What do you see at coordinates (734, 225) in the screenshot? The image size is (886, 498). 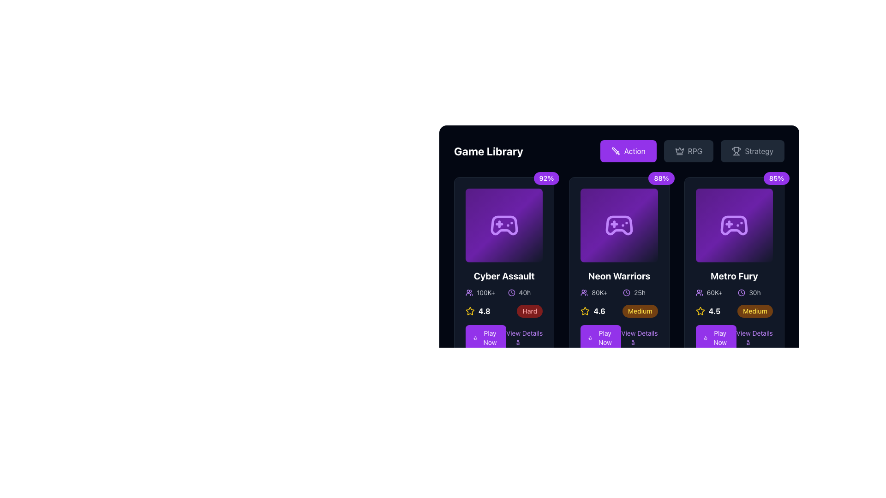 I see `the purple gamepad-shaped icon within the third card of the game cards under the title 'Metro Fury'` at bounding box center [734, 225].